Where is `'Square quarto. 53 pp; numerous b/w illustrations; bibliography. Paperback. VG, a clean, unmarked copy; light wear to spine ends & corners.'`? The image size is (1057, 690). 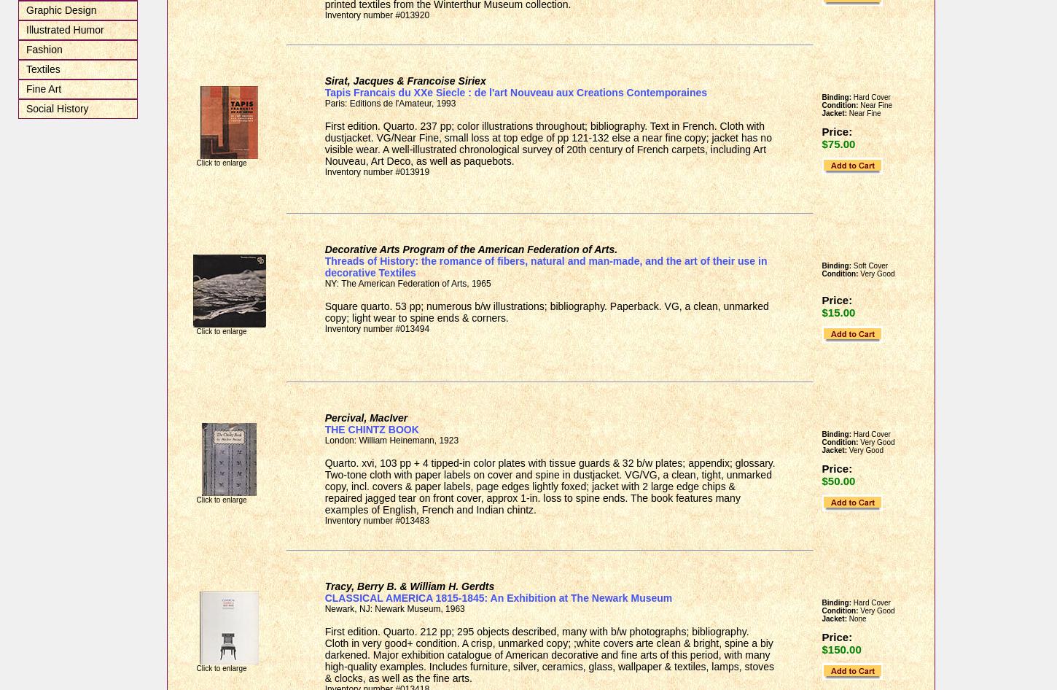 'Square quarto. 53 pp; numerous b/w illustrations; bibliography. Paperback. VG, a clean, unmarked copy; light wear to spine ends & corners.' is located at coordinates (546, 311).